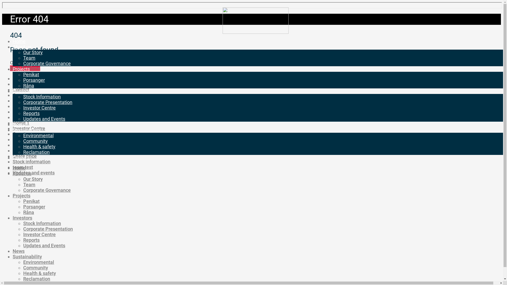  Describe the element at coordinates (35, 141) in the screenshot. I see `'Community'` at that location.